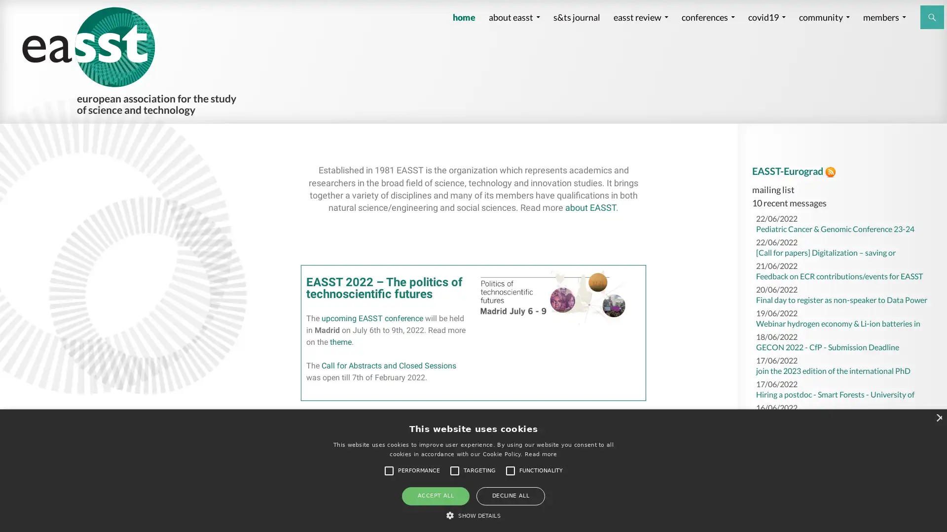  I want to click on DECLINE ALL, so click(510, 496).